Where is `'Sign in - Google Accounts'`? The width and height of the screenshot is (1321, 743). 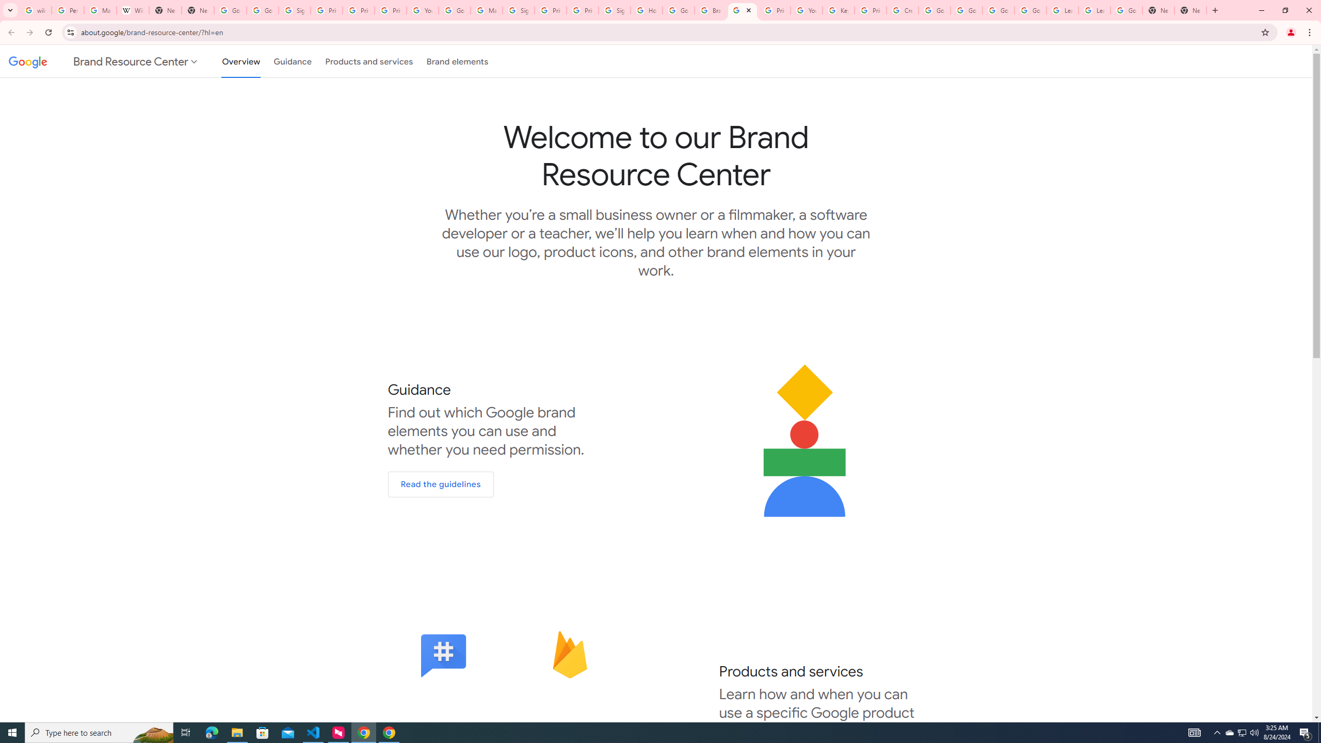
'Sign in - Google Accounts' is located at coordinates (518, 10).